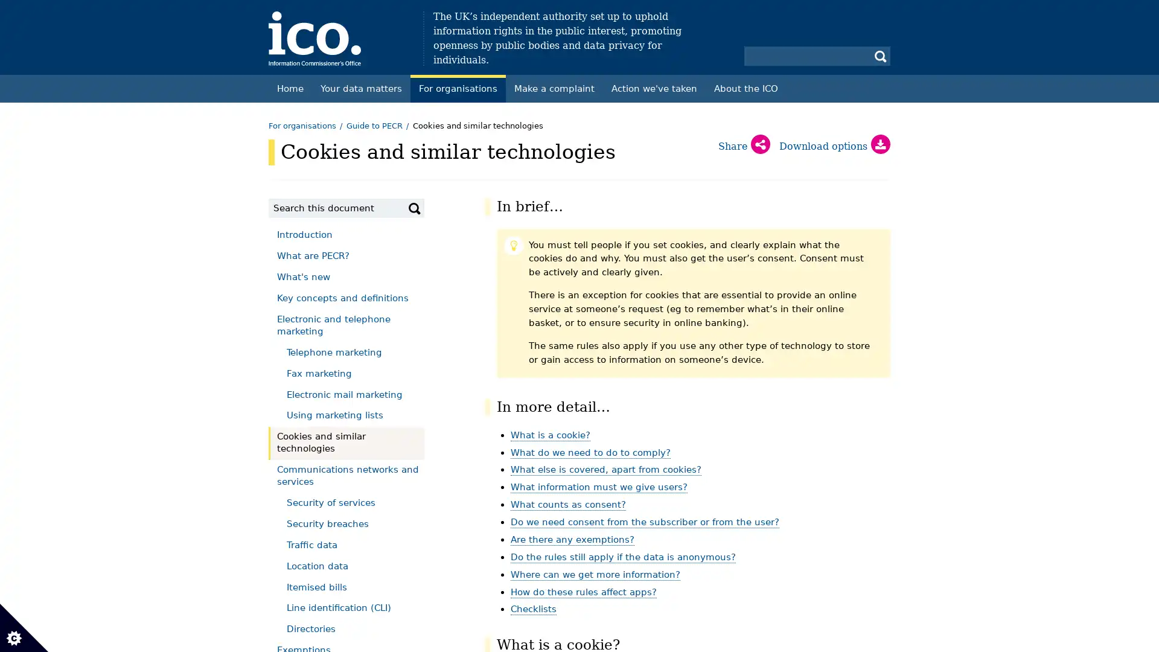 Image resolution: width=1159 pixels, height=652 pixels. I want to click on Reject all cookies, so click(215, 157).